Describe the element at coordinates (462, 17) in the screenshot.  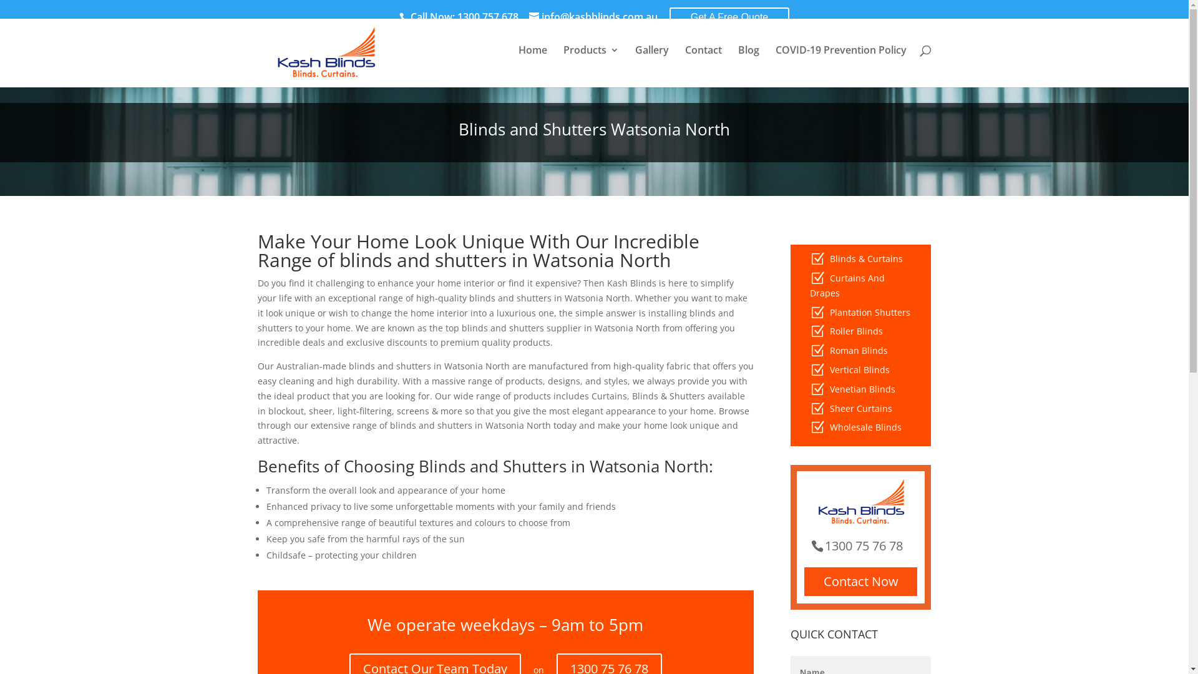
I see `'Call Now: 1300 757 678'` at that location.